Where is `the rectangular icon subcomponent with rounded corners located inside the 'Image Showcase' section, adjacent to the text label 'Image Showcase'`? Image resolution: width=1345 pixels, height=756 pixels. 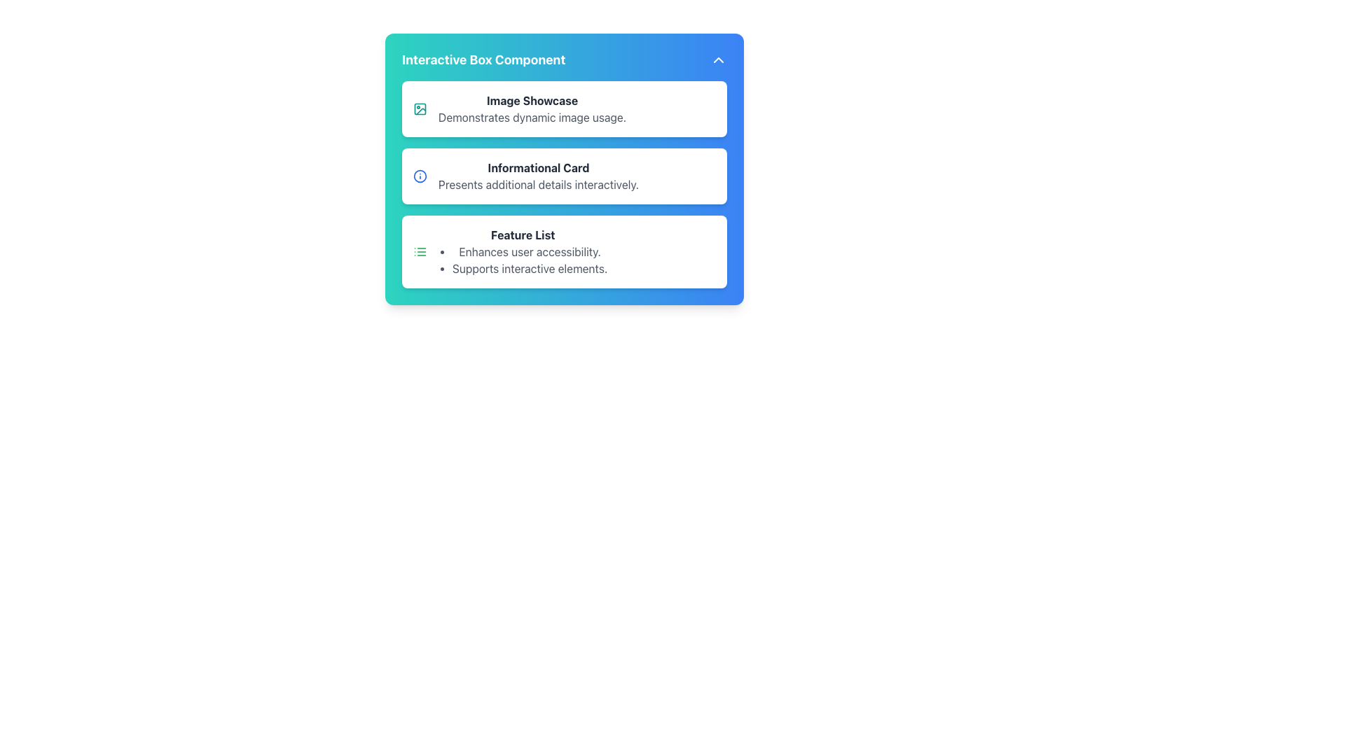 the rectangular icon subcomponent with rounded corners located inside the 'Image Showcase' section, adjacent to the text label 'Image Showcase' is located at coordinates (420, 108).